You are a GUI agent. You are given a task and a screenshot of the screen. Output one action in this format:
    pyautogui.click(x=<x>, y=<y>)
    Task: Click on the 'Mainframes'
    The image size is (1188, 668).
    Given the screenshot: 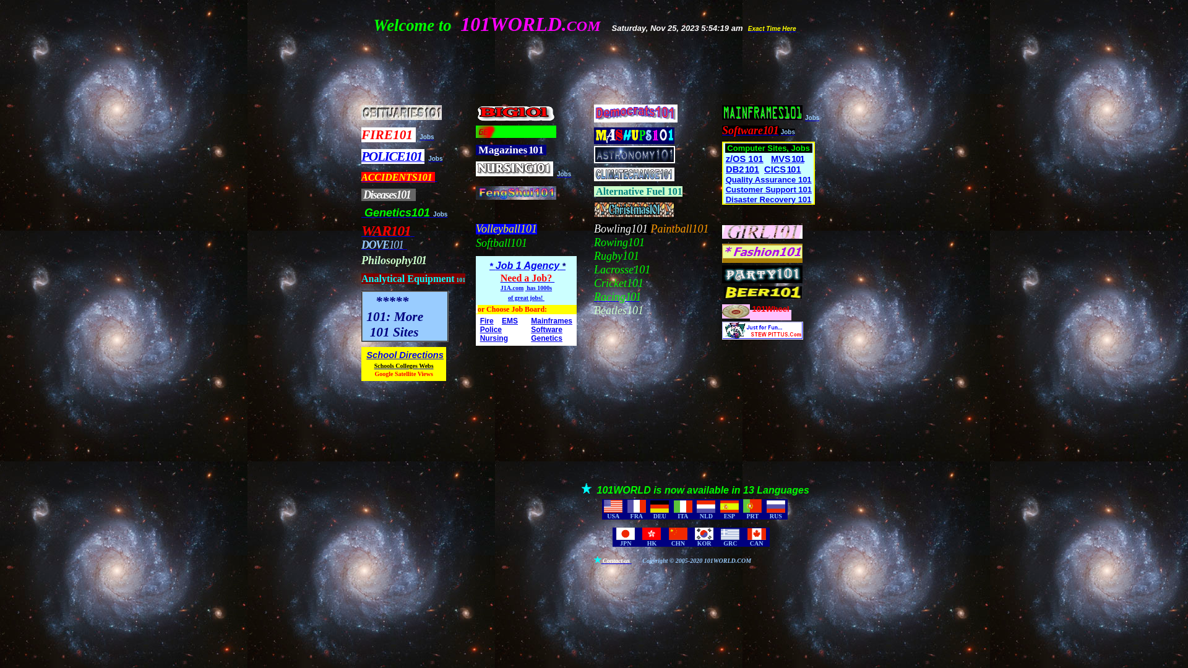 What is the action you would take?
    pyautogui.click(x=551, y=319)
    